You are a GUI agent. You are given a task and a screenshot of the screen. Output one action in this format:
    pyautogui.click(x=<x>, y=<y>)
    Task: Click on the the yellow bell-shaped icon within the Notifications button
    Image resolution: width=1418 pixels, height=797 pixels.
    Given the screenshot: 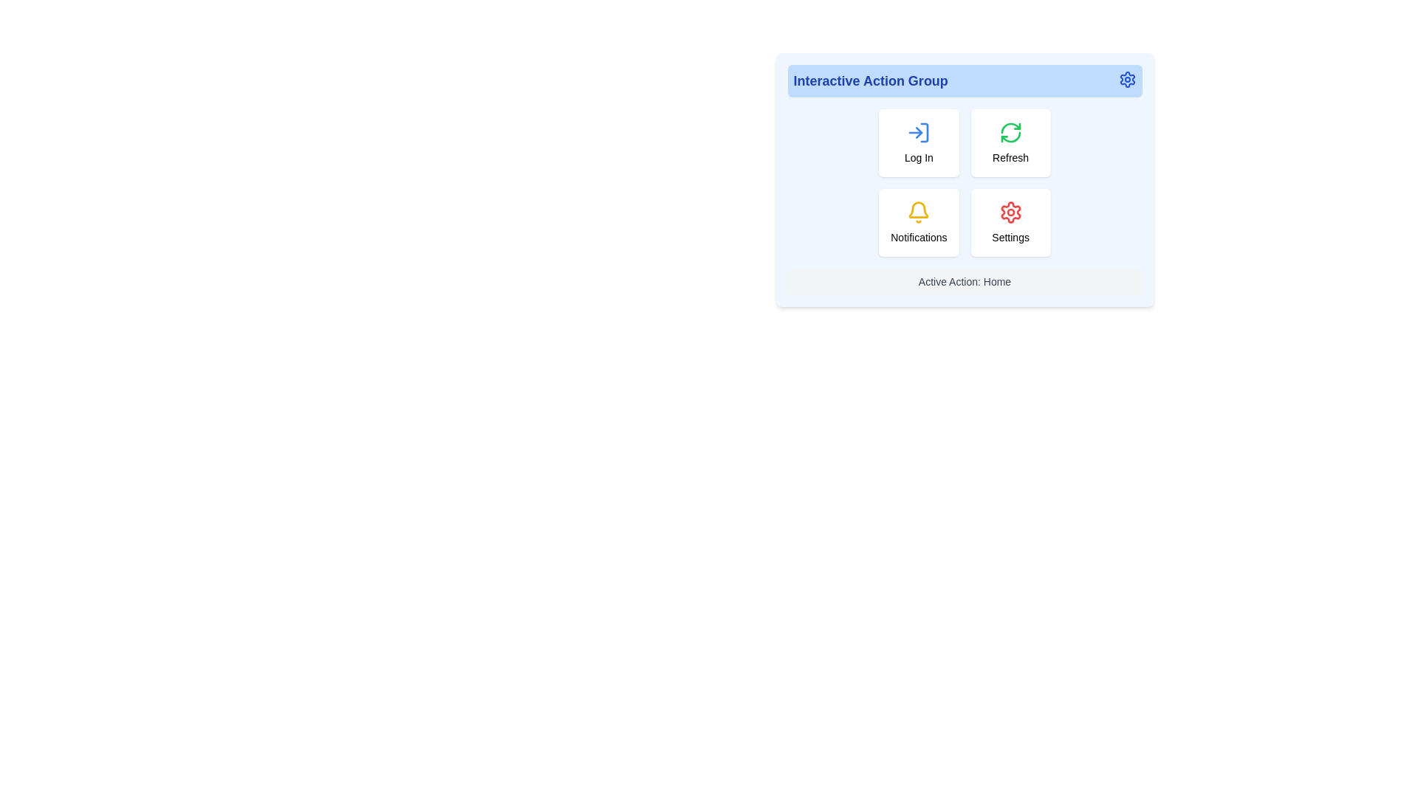 What is the action you would take?
    pyautogui.click(x=917, y=210)
    